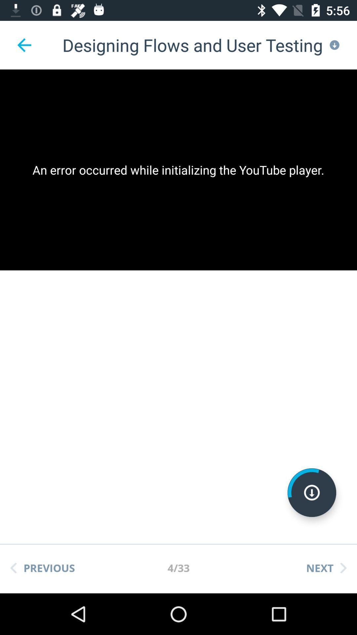 This screenshot has width=357, height=635. What do you see at coordinates (42, 568) in the screenshot?
I see `item next to the 4/33 icon` at bounding box center [42, 568].